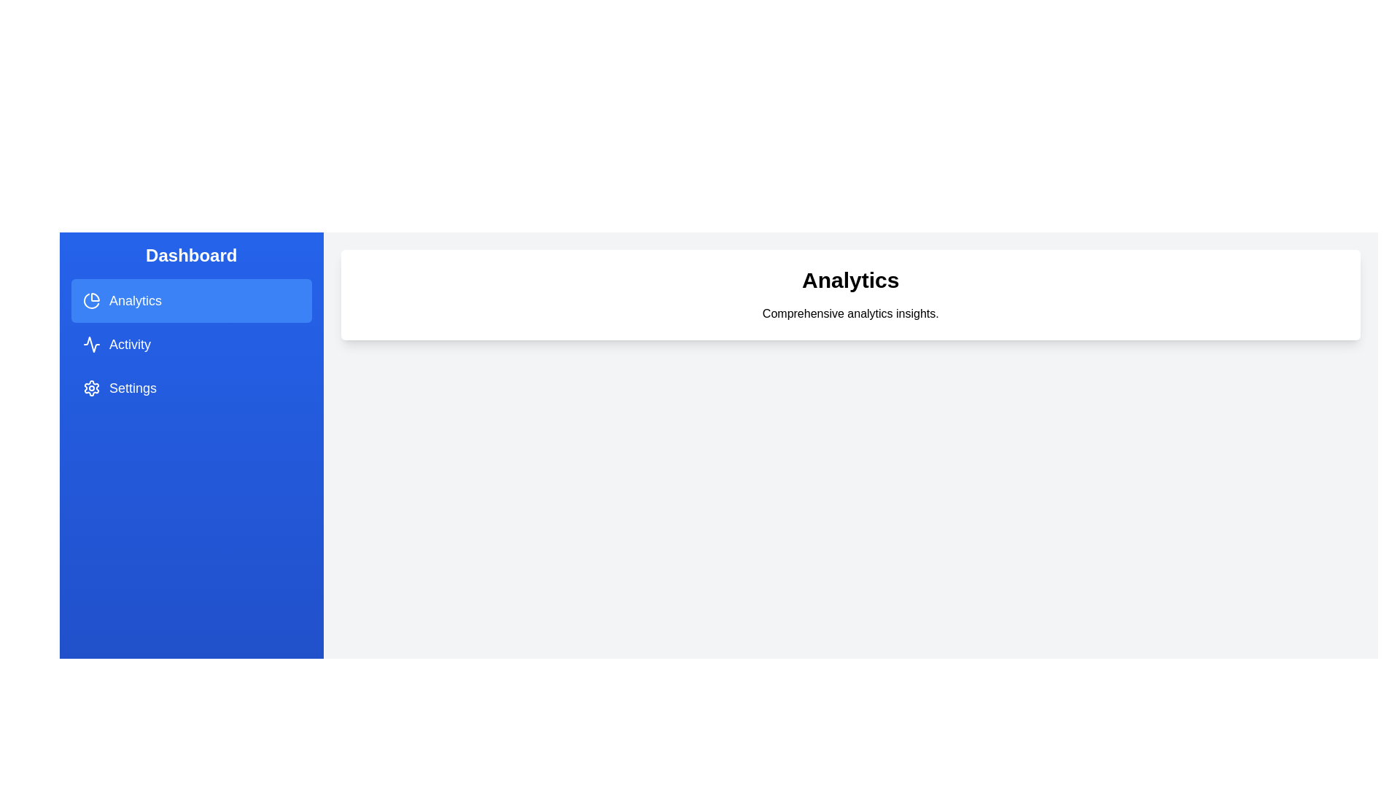 The width and height of the screenshot is (1400, 787). I want to click on the 'Analytics' navigation button located below the 'Dashboard' header and above the 'Activity' entry, so click(190, 326).